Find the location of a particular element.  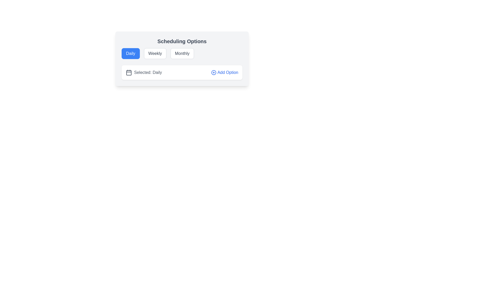

the 'Monthly' button is located at coordinates (182, 53).